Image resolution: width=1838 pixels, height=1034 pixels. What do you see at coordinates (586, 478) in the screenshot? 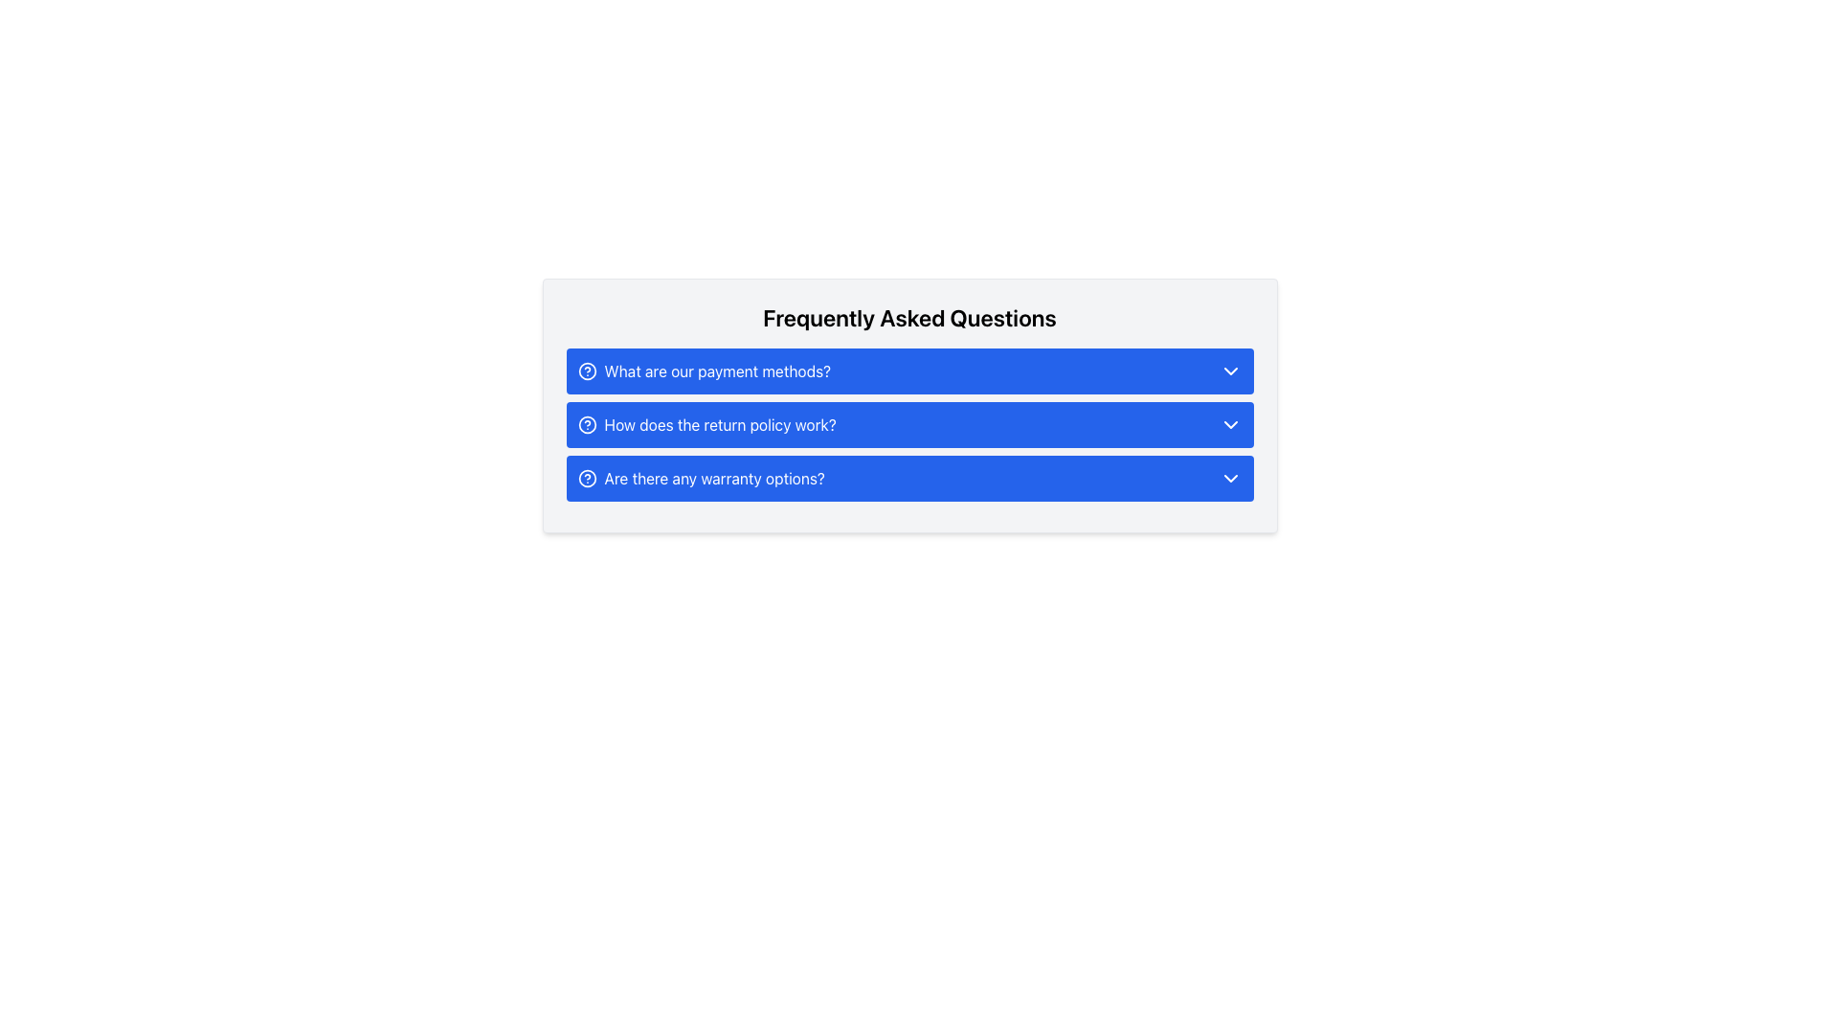
I see `the circular SVG shape located in the center of the third FAQ query icon, positioned between the second FAQ item and any additional items` at bounding box center [586, 478].